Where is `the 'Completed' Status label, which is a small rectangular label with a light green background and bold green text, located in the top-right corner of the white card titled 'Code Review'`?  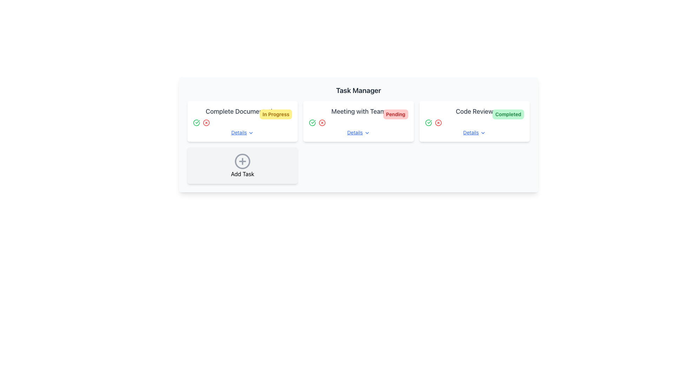
the 'Completed' Status label, which is a small rectangular label with a light green background and bold green text, located in the top-right corner of the white card titled 'Code Review' is located at coordinates (508, 114).